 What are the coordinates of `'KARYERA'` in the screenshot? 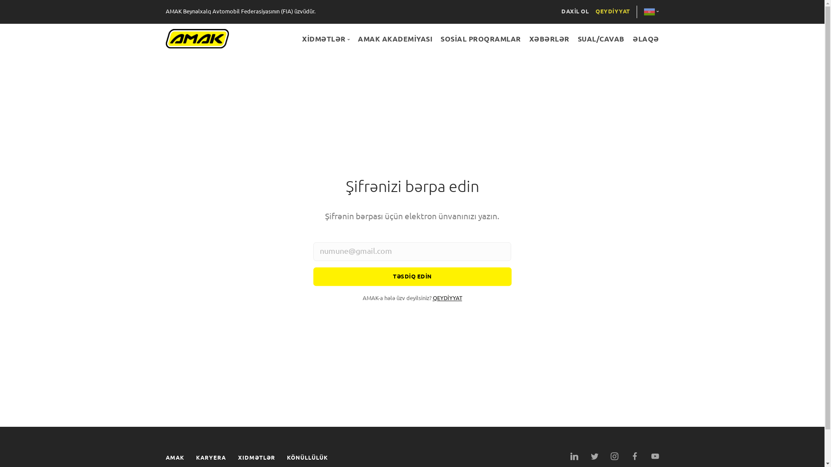 It's located at (210, 457).